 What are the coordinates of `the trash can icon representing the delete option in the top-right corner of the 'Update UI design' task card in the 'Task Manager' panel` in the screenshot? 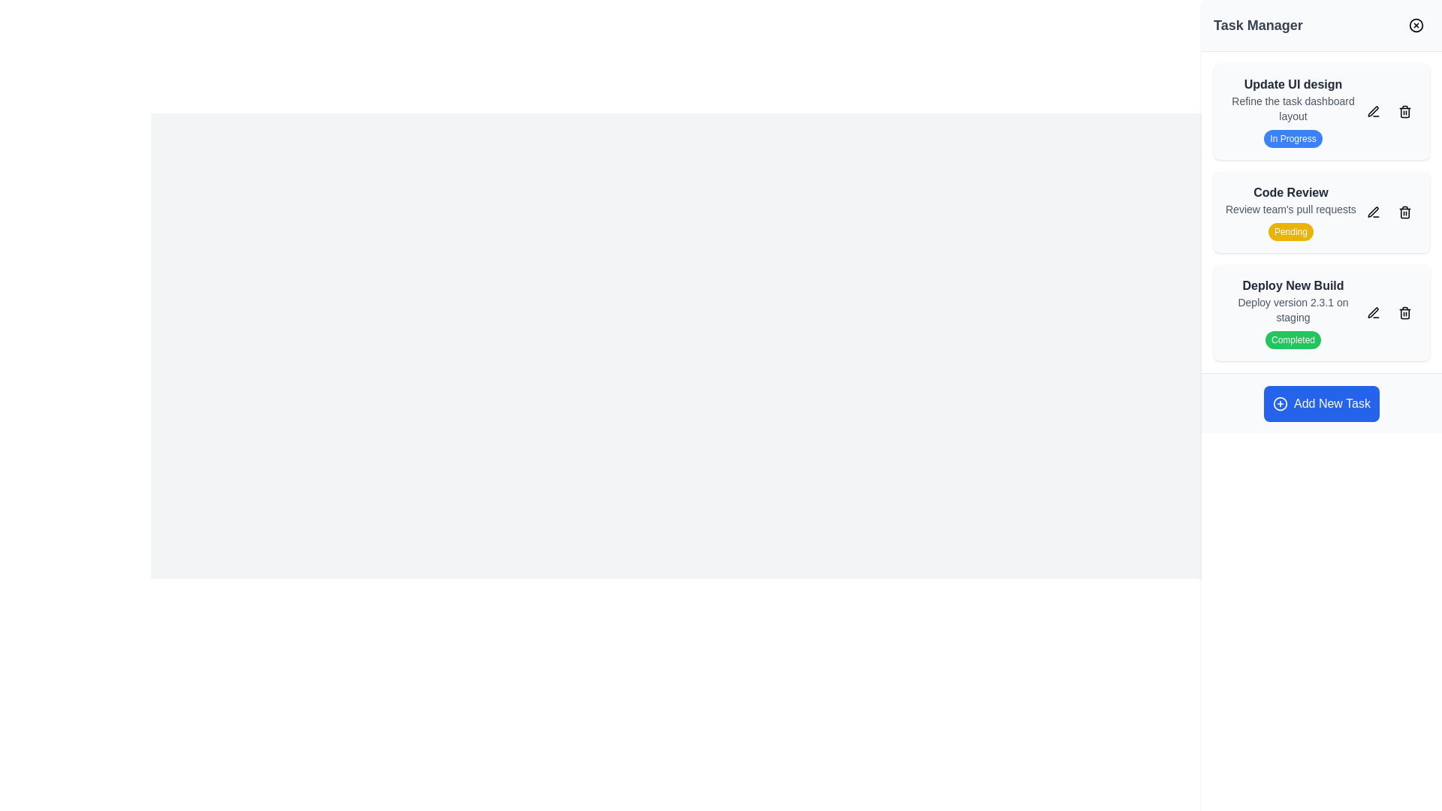 It's located at (1404, 112).